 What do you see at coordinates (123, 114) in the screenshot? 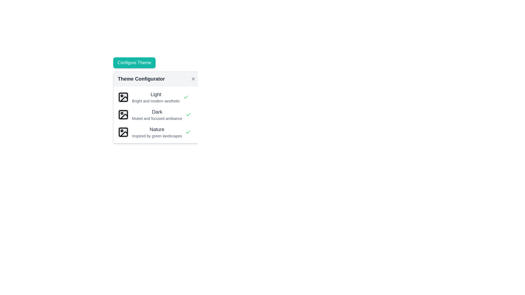
I see `the rounded rectangle element located centrally within the second icon of the 'Dark' theme, which serves as a backdrop or frame` at bounding box center [123, 114].